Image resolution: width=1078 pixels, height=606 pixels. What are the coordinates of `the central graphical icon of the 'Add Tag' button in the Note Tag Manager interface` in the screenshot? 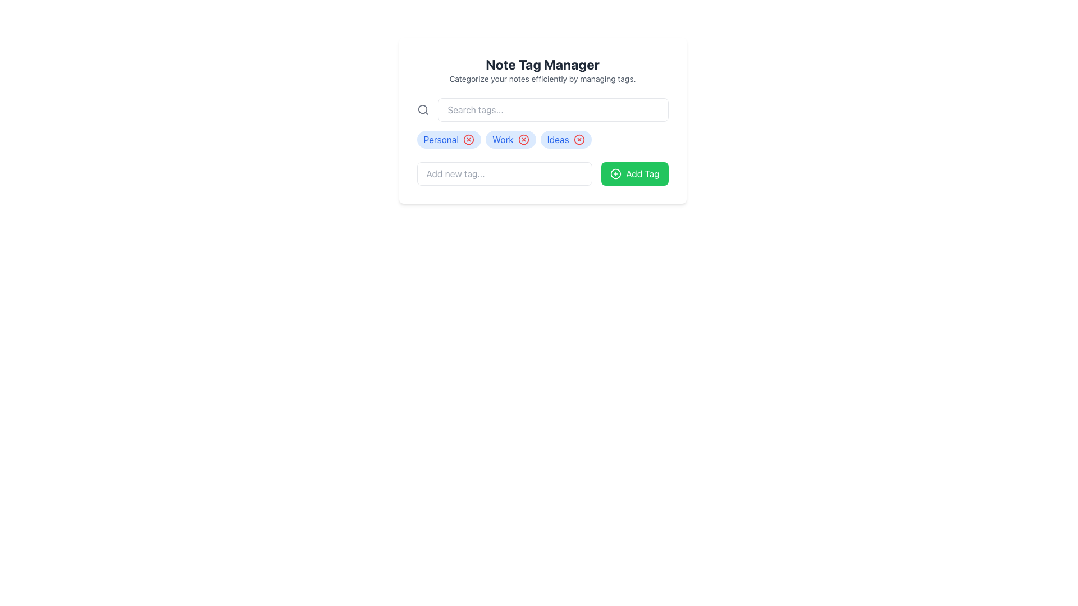 It's located at (615, 173).